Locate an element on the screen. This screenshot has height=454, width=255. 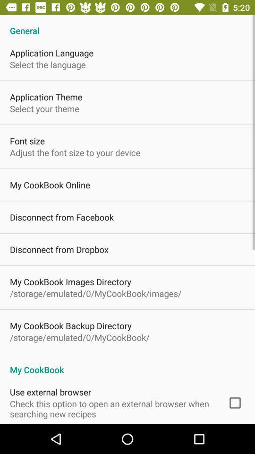
select the language icon is located at coordinates (47, 64).